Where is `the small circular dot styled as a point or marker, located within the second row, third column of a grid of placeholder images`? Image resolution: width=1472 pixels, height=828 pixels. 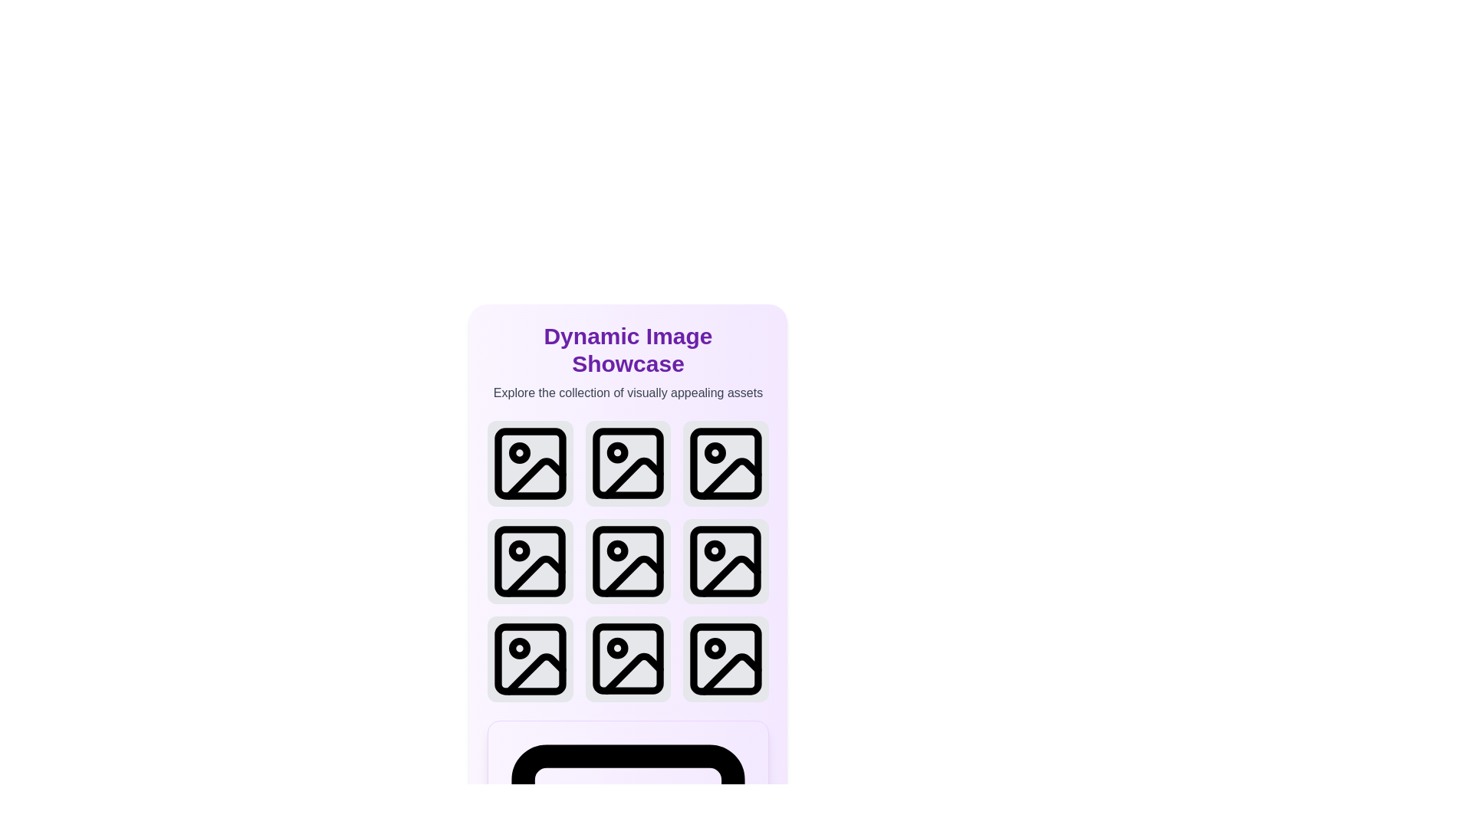
the small circular dot styled as a point or marker, located within the second row, third column of a grid of placeholder images is located at coordinates (715, 452).